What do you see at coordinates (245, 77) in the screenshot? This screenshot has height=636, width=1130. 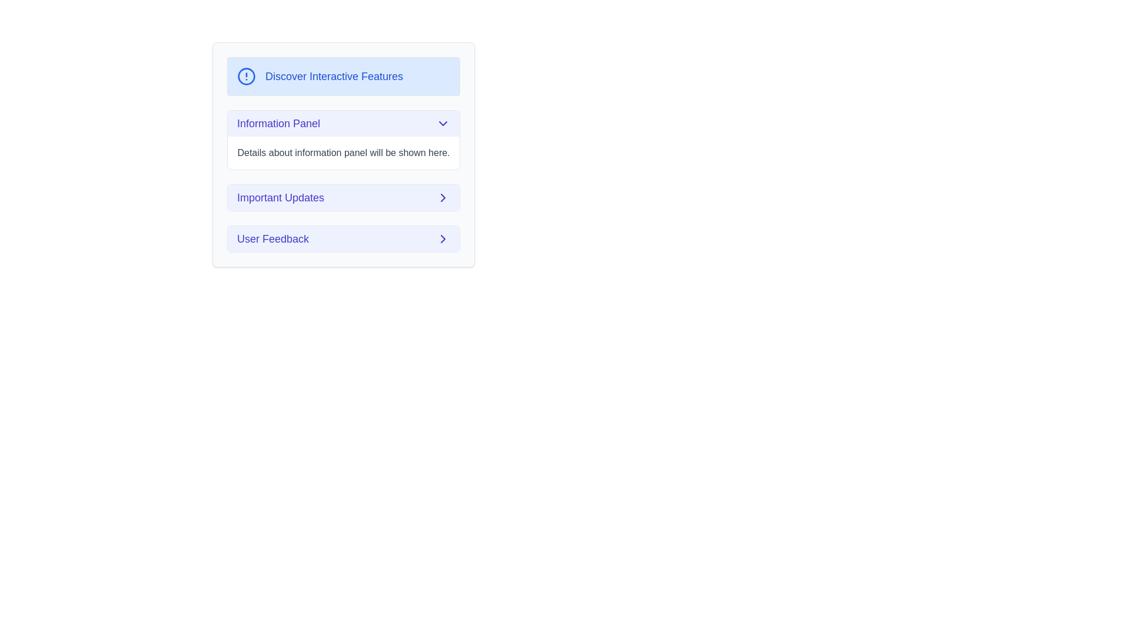 I see `the circular blue outlined icon with an exclamation mark, located in the top left corner of the 'Discover Interactive Features' panel header` at bounding box center [245, 77].